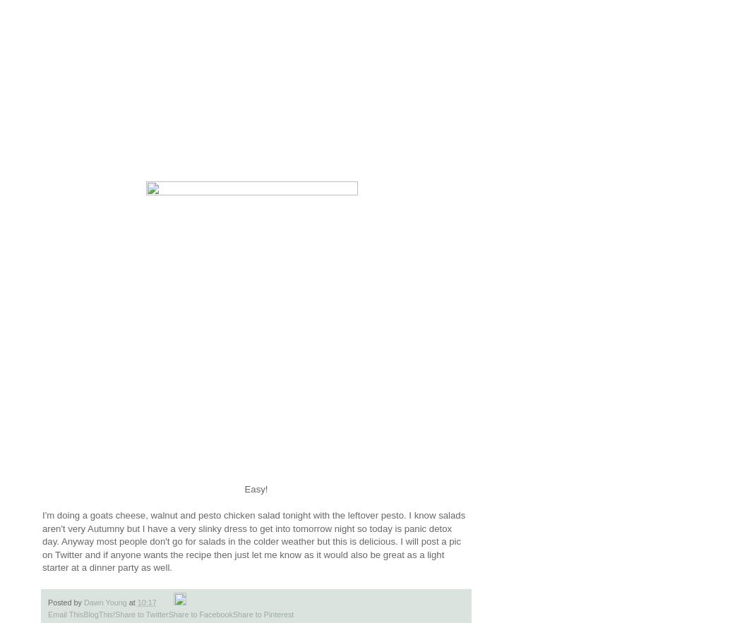 This screenshot has width=754, height=623. I want to click on 'BlogThis!', so click(99, 613).